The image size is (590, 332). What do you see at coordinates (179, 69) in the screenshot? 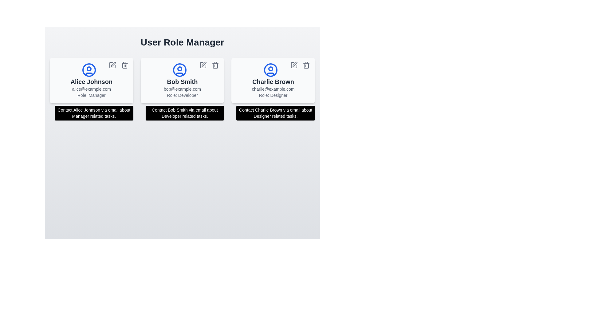
I see `the circular user profile icon with a blue border located above the text 'Bob Smith' in the middle card` at bounding box center [179, 69].